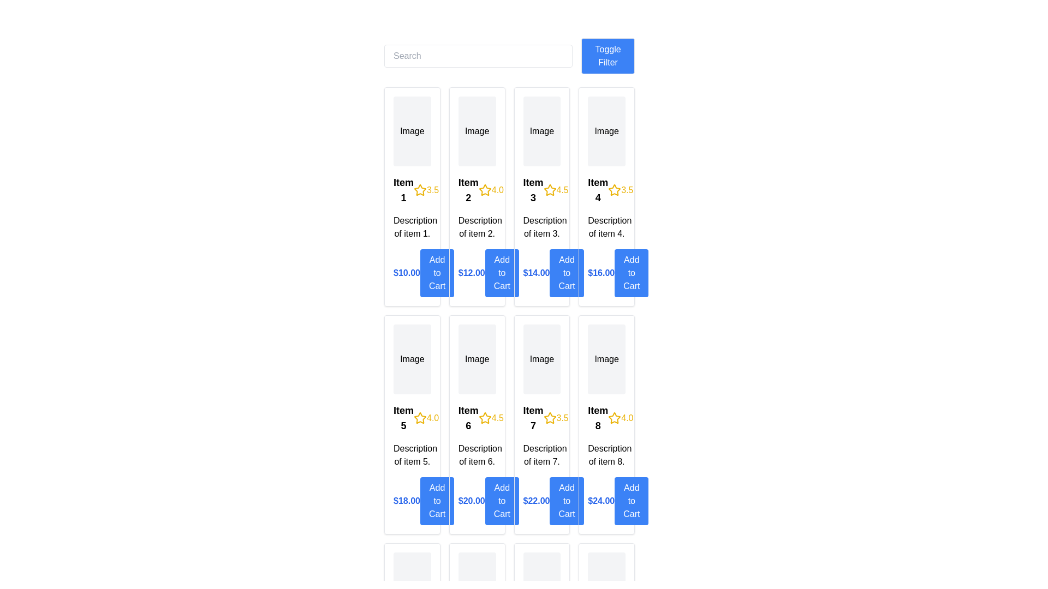  What do you see at coordinates (606, 455) in the screenshot?
I see `the text label providing details about 'Item 8', which is positioned below the item's title and rating, and above the price and 'Add to Cart' button` at bounding box center [606, 455].